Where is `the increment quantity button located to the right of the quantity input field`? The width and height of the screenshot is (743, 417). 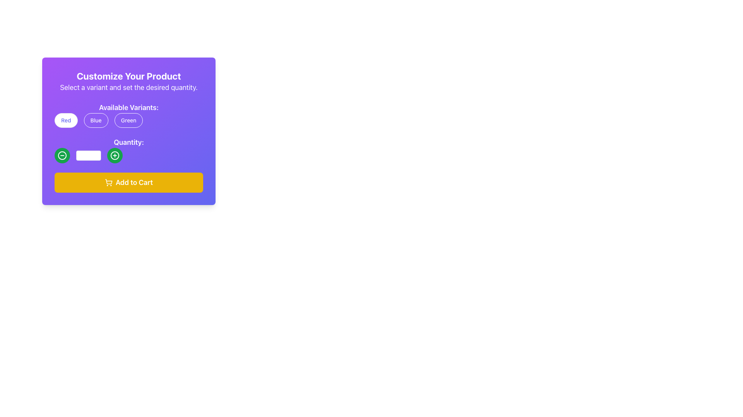
the increment quantity button located to the right of the quantity input field is located at coordinates (115, 155).